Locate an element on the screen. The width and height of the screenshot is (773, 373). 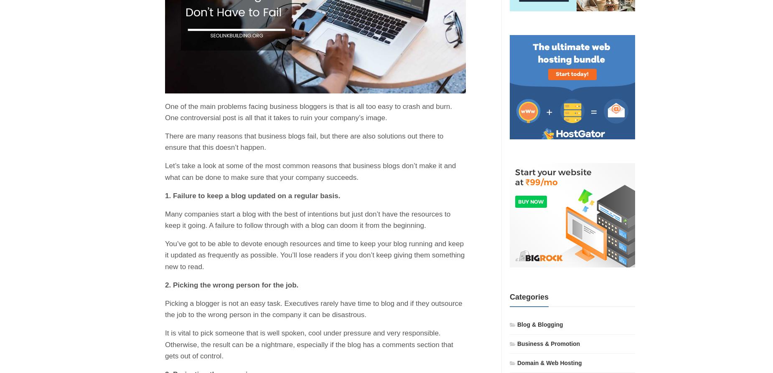
'Blog & Blogging' is located at coordinates (539, 323).